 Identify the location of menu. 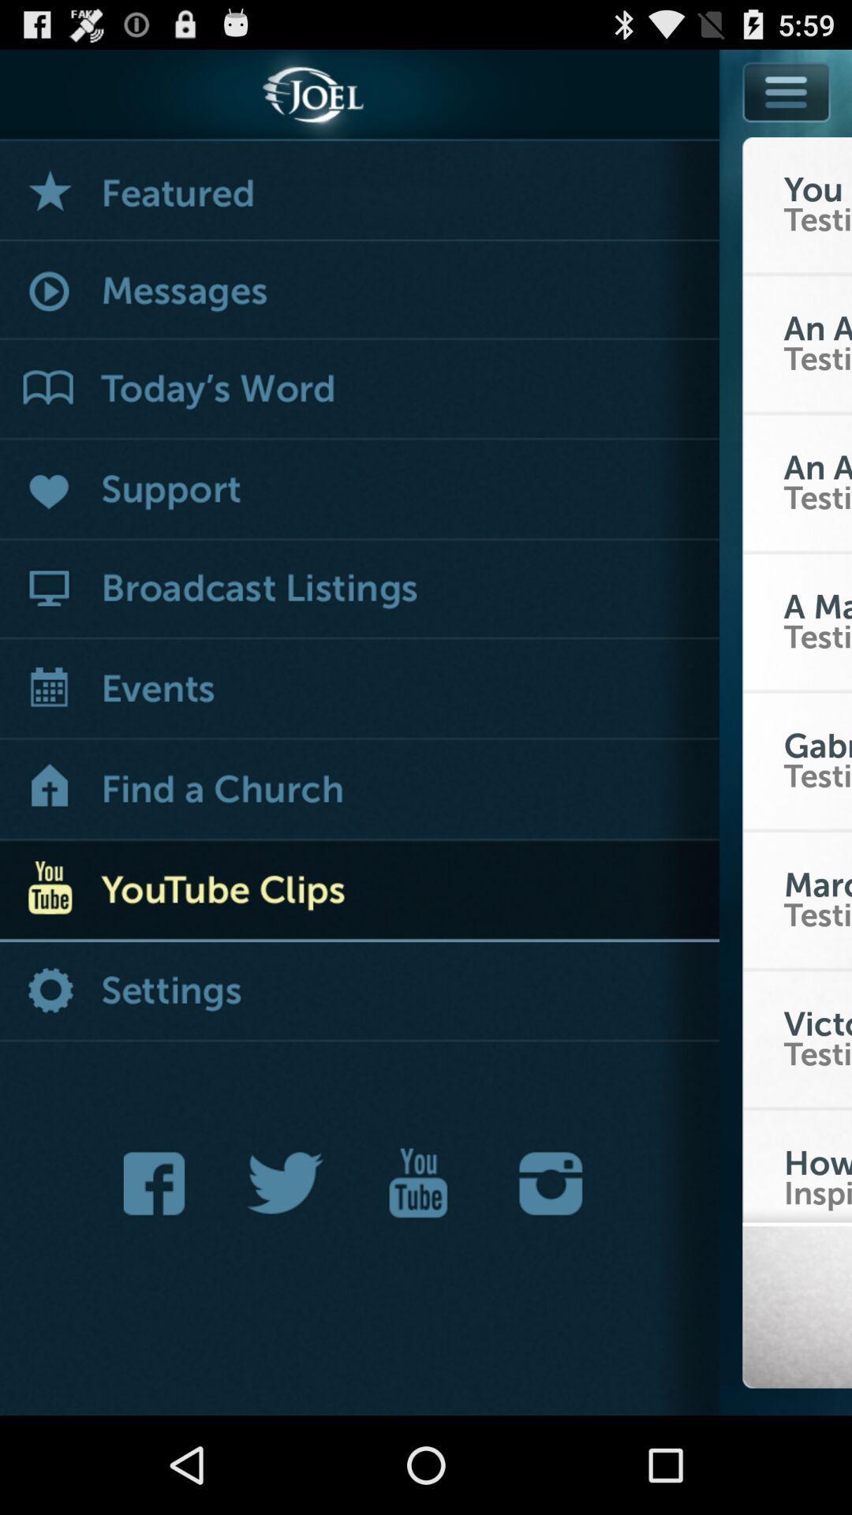
(787, 91).